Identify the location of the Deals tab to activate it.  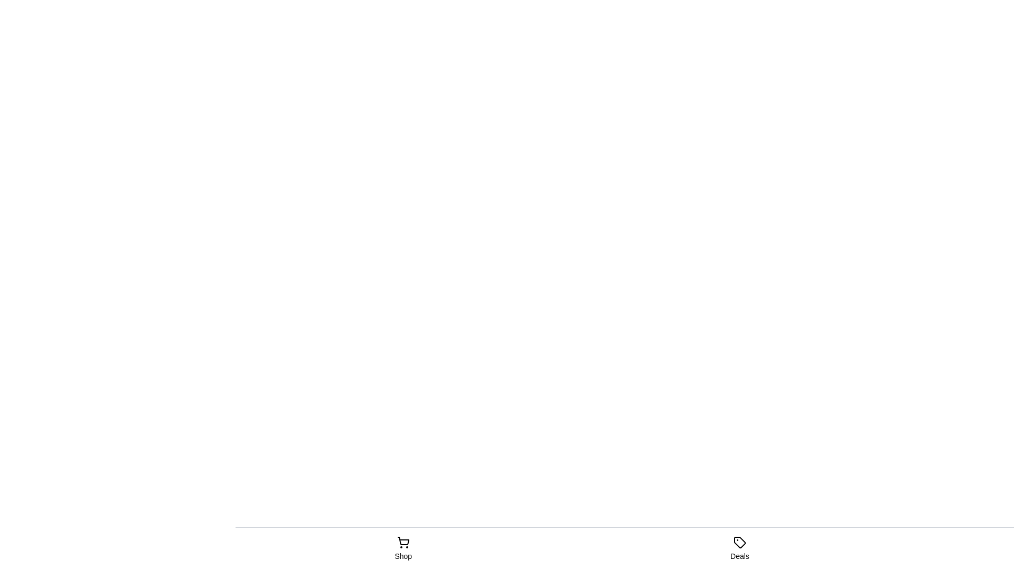
(739, 548).